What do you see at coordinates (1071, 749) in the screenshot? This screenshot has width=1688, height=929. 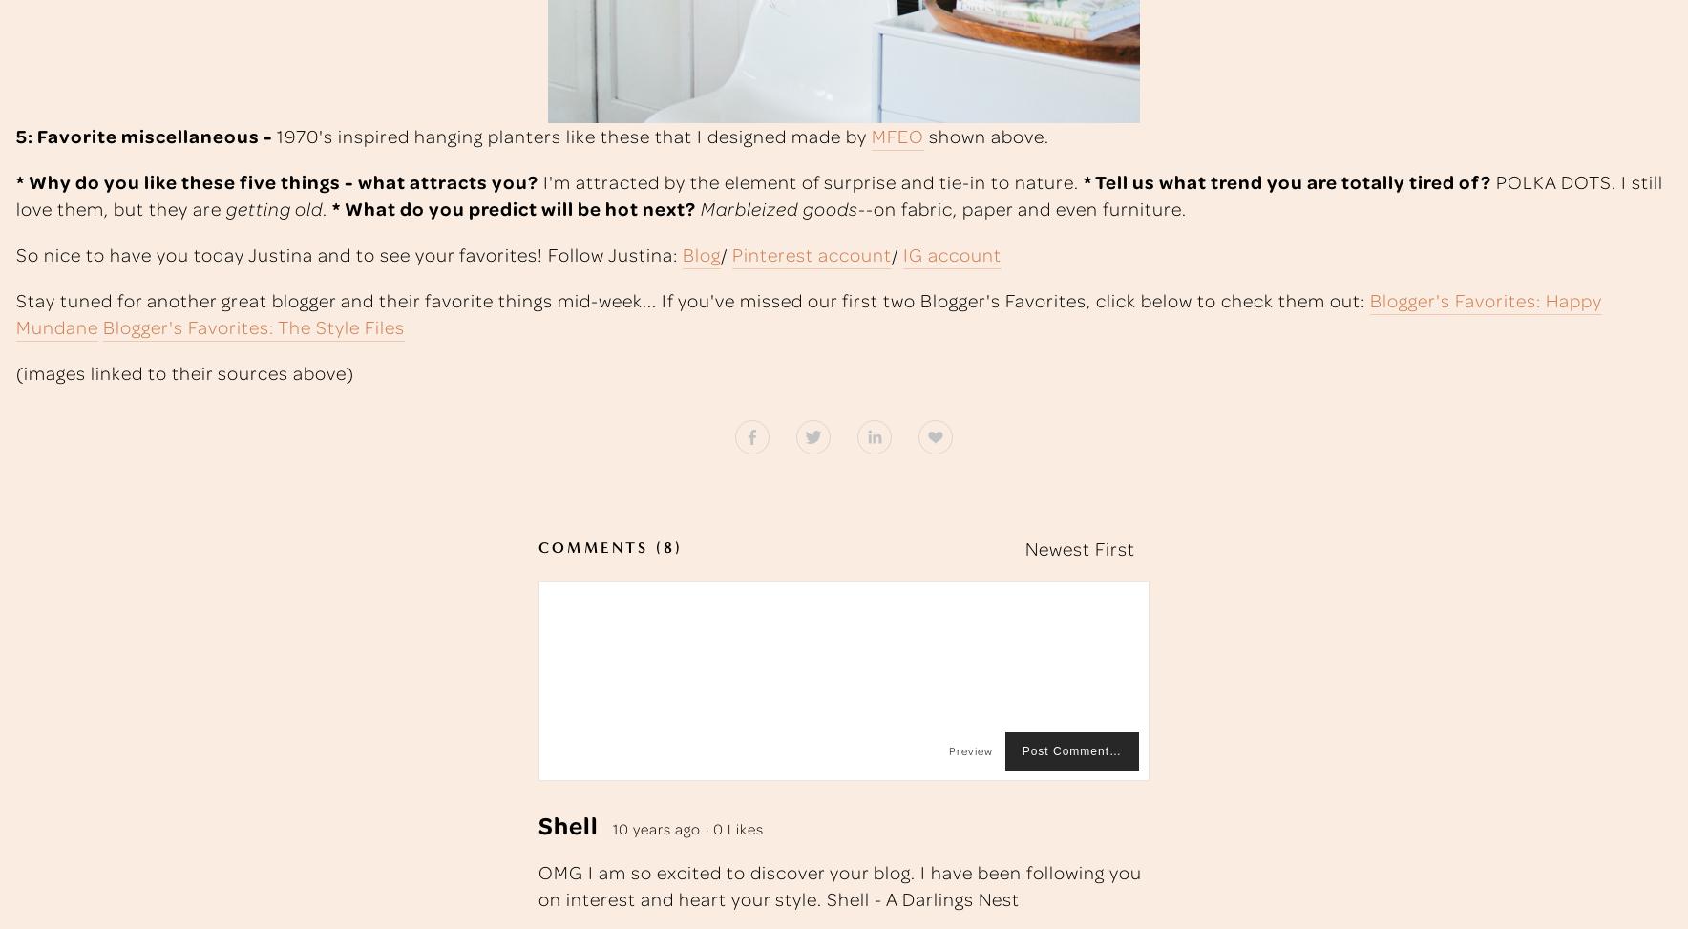 I see `'Post Comment…'` at bounding box center [1071, 749].